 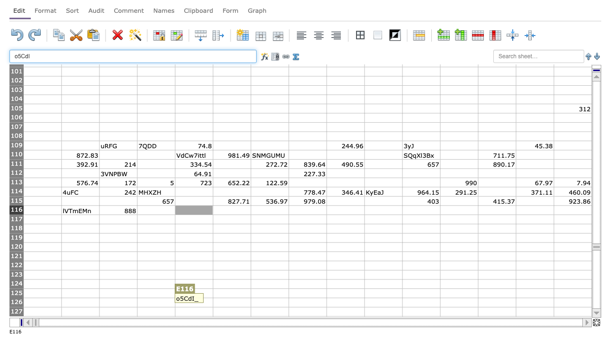 What do you see at coordinates (232, 302) in the screenshot?
I see `F126` at bounding box center [232, 302].